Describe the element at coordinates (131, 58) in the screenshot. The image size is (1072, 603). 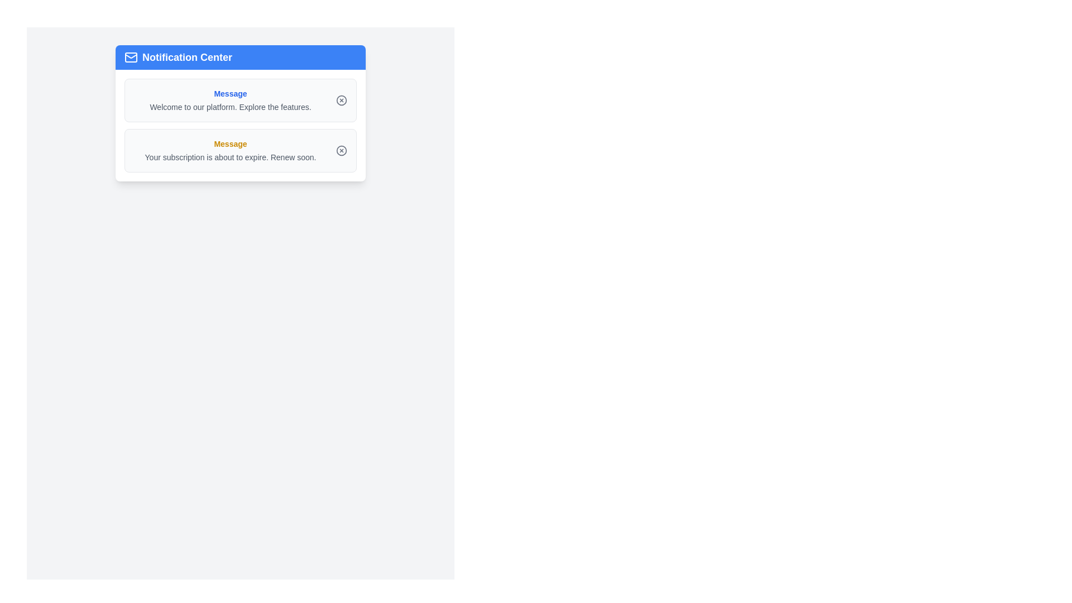
I see `the notification icon located at the top left corner of the 'Notification Center' header bar, which appears before the text 'Notification Center'` at that location.